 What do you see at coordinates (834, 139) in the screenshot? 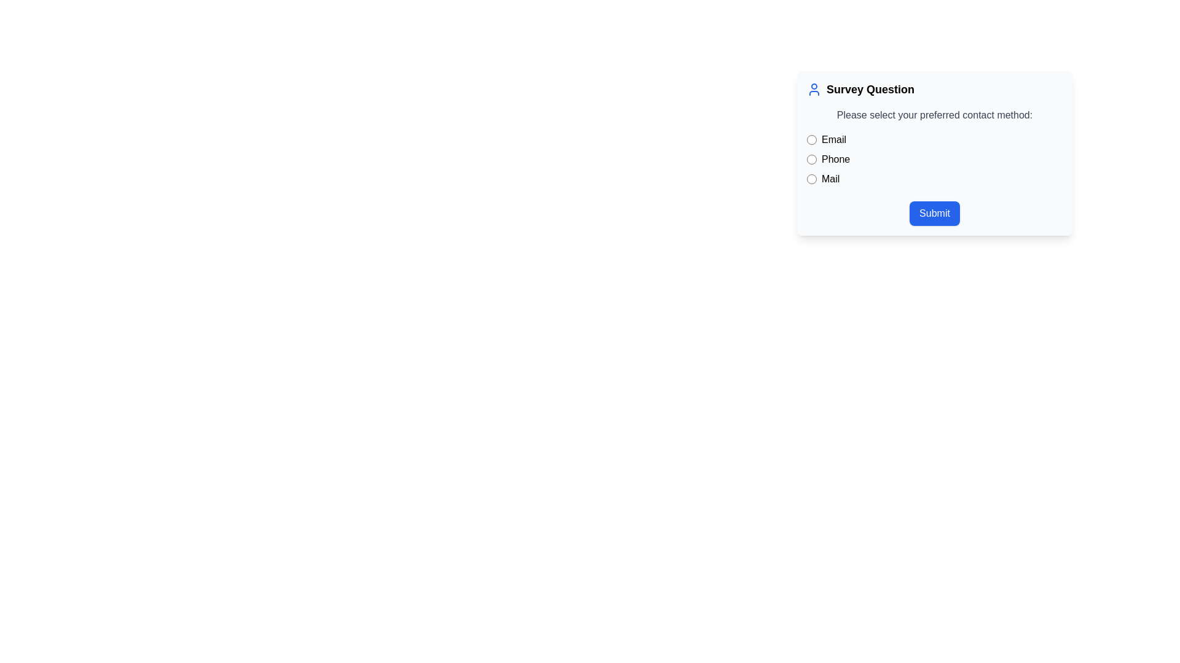
I see `the adjacent radio button by interacting with the 'Email' label` at bounding box center [834, 139].